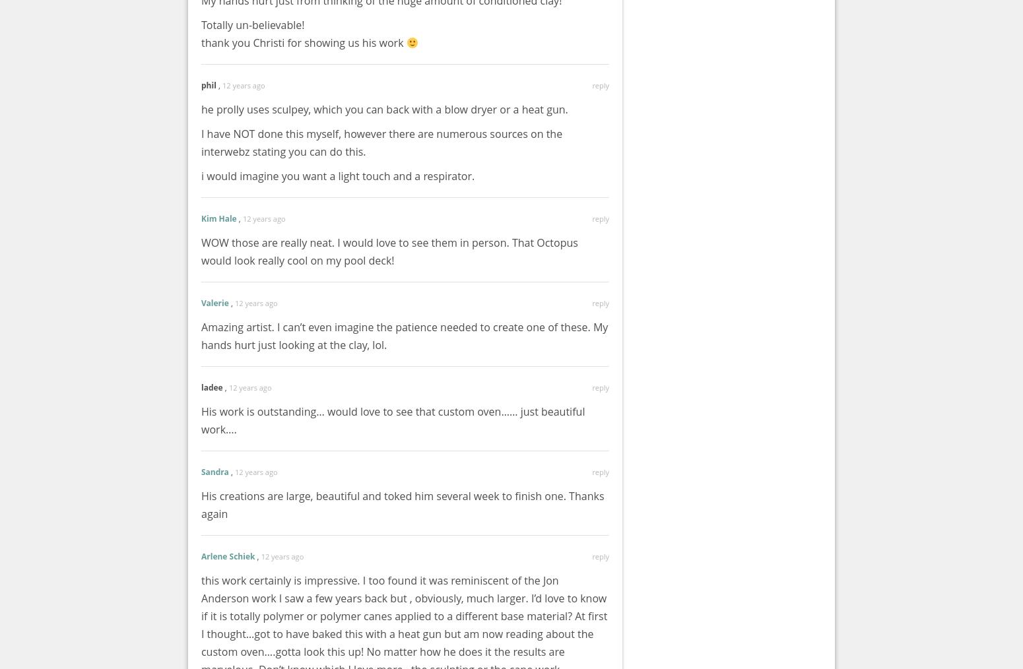 The height and width of the screenshot is (669, 1023). I want to click on 'Amazing artist. I can’t even imagine the patience needed to create one of these. My hands hurt just looking at the clay, lol.', so click(405, 335).